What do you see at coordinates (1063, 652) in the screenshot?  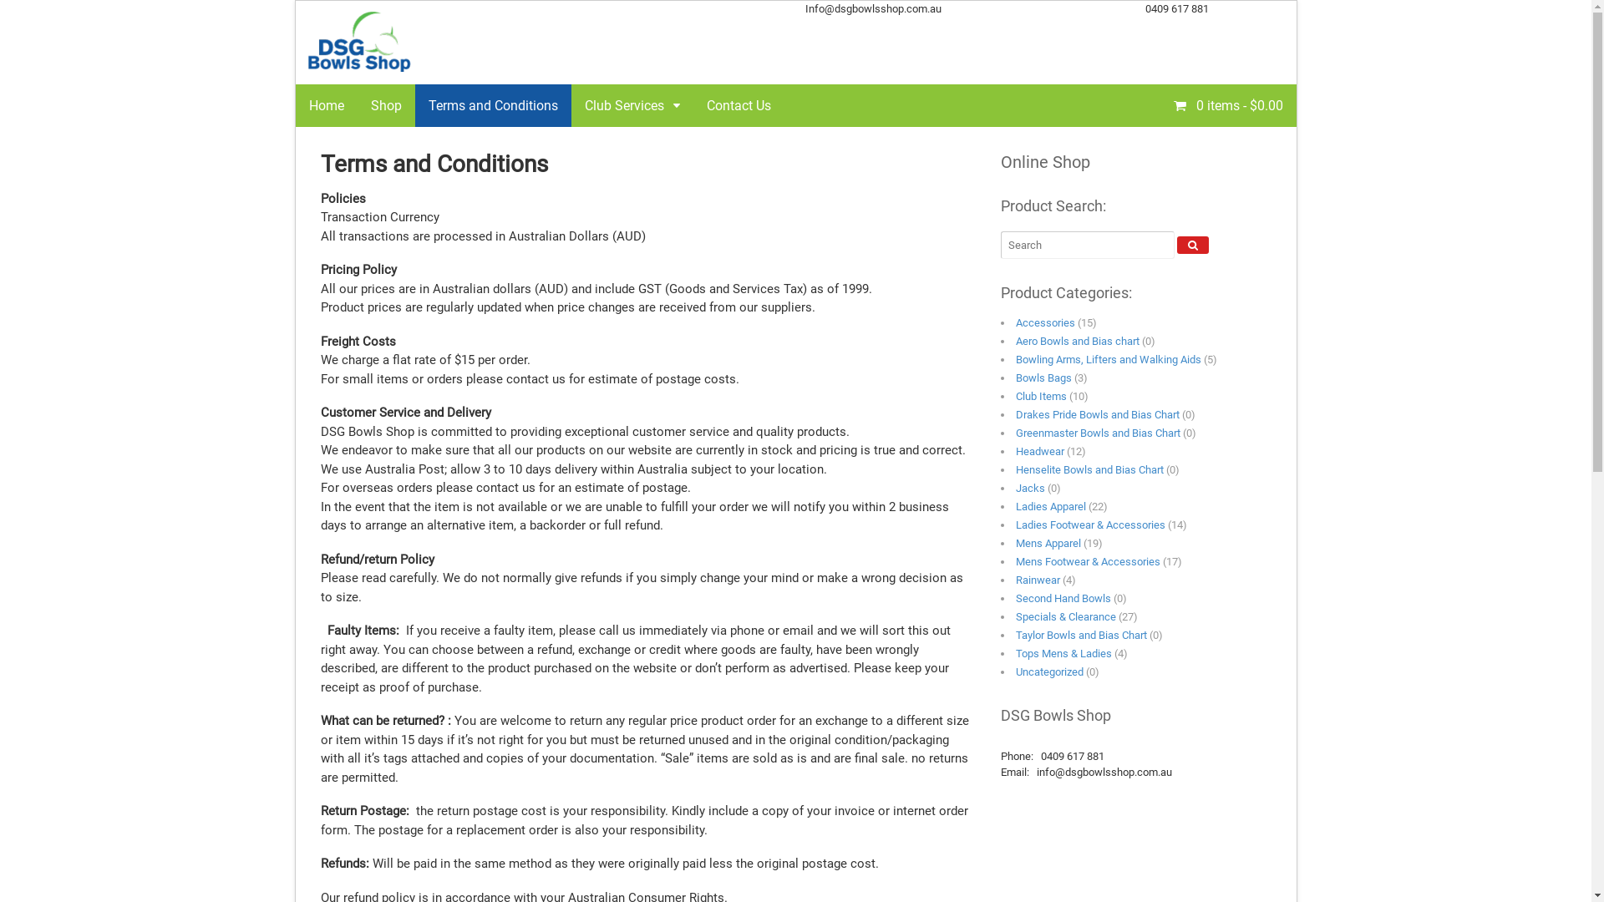 I see `'Tops Mens & Ladies'` at bounding box center [1063, 652].